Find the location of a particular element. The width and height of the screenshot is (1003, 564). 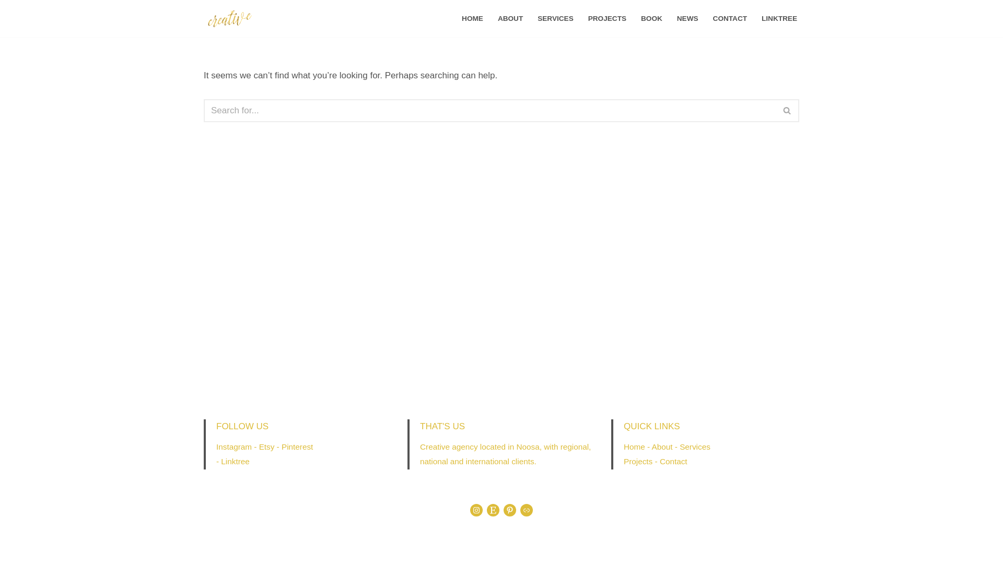

'Skip to content' is located at coordinates (7, 22).